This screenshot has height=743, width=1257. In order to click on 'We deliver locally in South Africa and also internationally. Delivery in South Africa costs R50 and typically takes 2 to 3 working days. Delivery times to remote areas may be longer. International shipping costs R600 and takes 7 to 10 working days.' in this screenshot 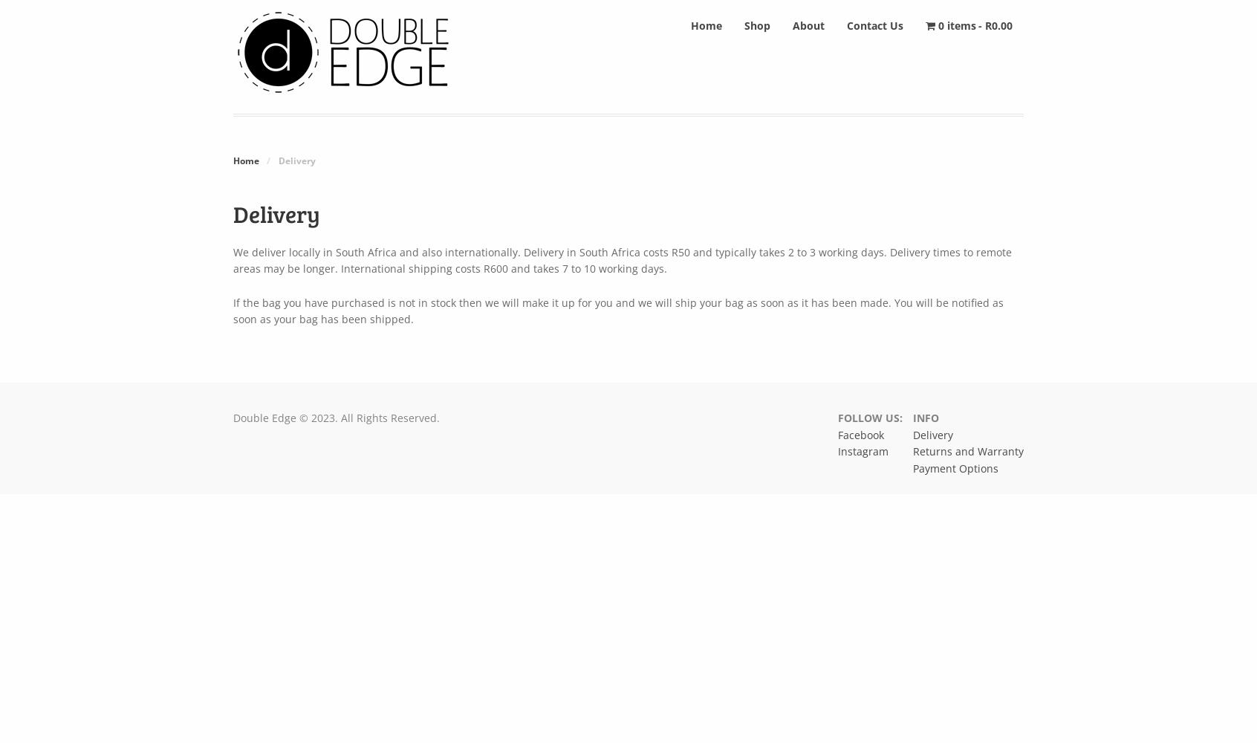, I will do `click(623, 259)`.